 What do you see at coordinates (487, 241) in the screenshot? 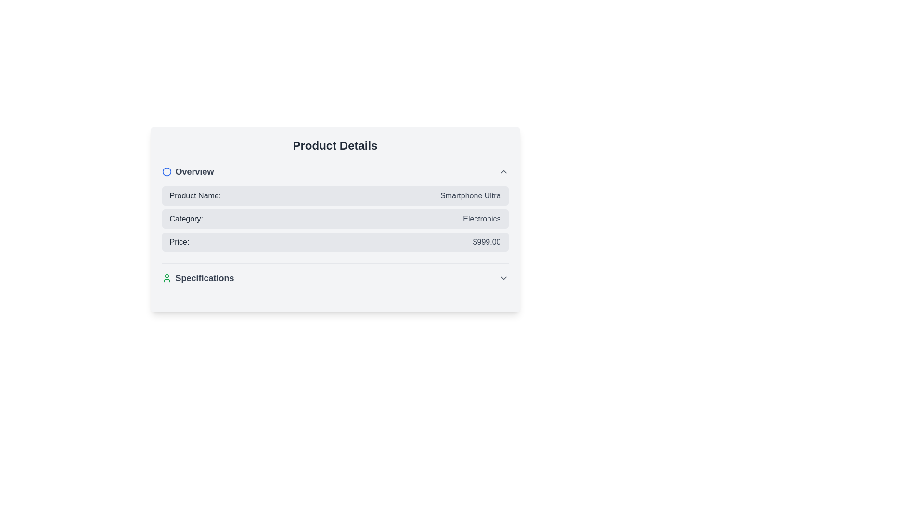
I see `the text label displaying the price of the product, which is currently listed as $999.00, located in the third row under 'Price:' and aligned to the right` at bounding box center [487, 241].